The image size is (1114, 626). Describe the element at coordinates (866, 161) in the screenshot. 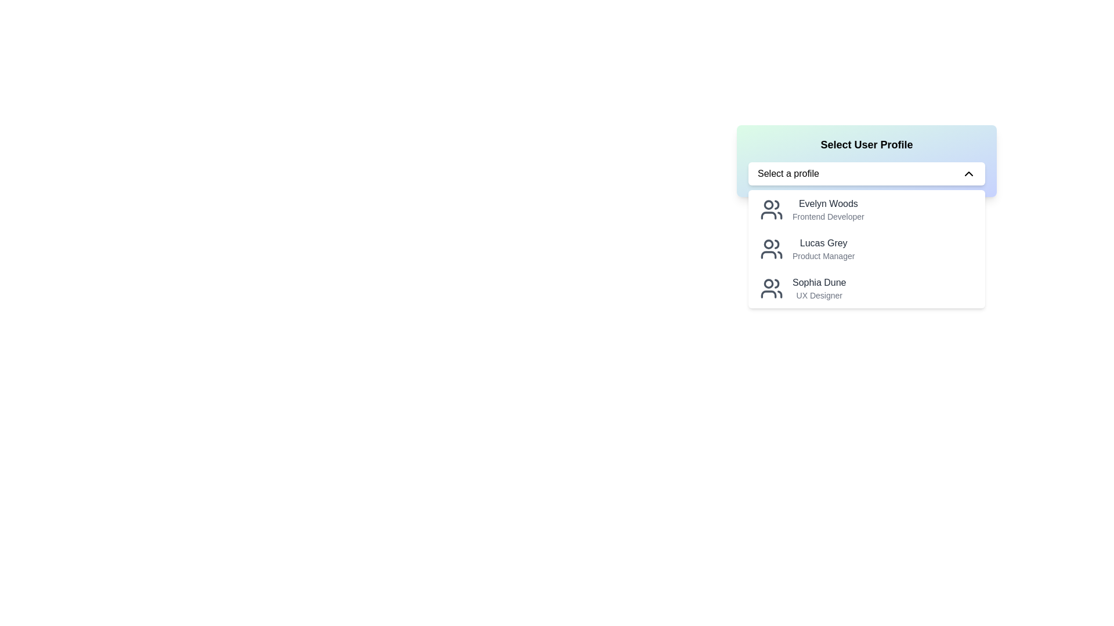

I see `the dropdown options of the 'Select User Profile' dropdown menu by clicking to expand it` at that location.